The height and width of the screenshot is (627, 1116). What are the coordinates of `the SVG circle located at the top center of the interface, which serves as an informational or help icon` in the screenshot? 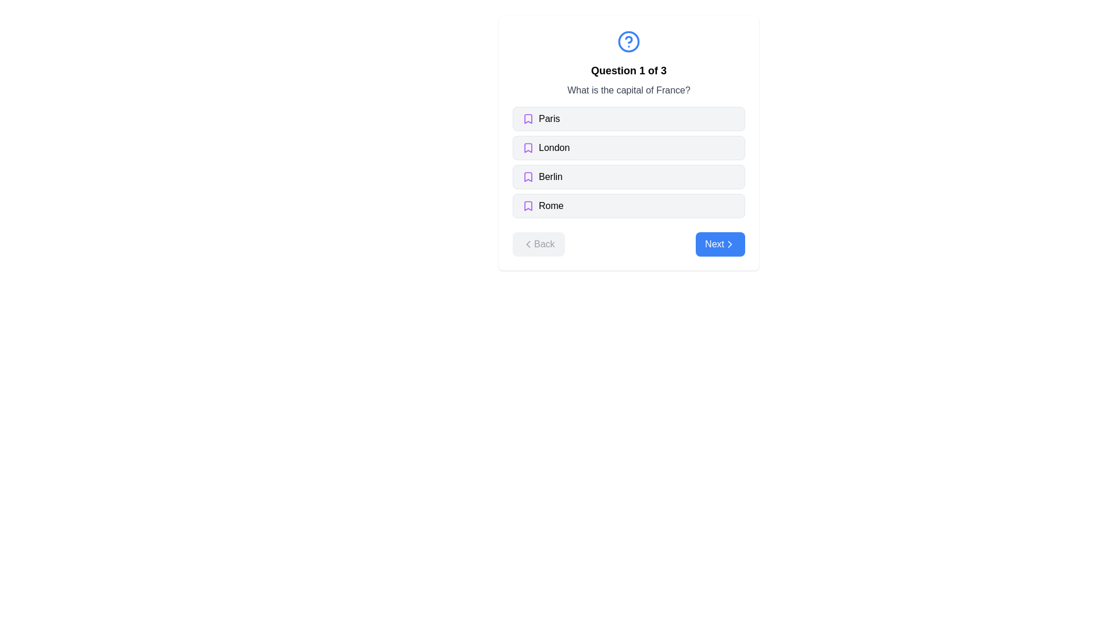 It's located at (628, 41).